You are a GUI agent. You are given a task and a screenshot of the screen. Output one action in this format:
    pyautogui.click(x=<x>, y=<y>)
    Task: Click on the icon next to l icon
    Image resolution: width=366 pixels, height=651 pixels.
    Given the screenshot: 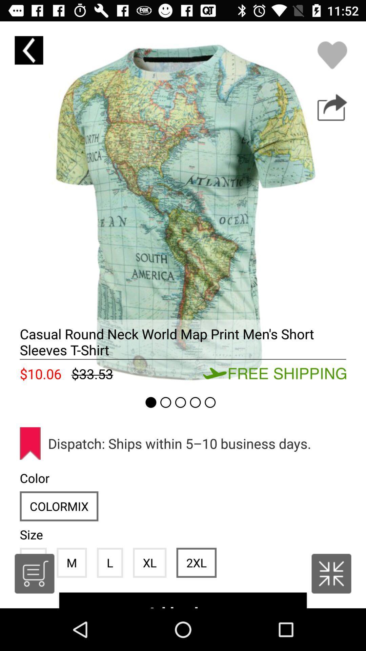 What is the action you would take?
    pyautogui.click(x=72, y=563)
    